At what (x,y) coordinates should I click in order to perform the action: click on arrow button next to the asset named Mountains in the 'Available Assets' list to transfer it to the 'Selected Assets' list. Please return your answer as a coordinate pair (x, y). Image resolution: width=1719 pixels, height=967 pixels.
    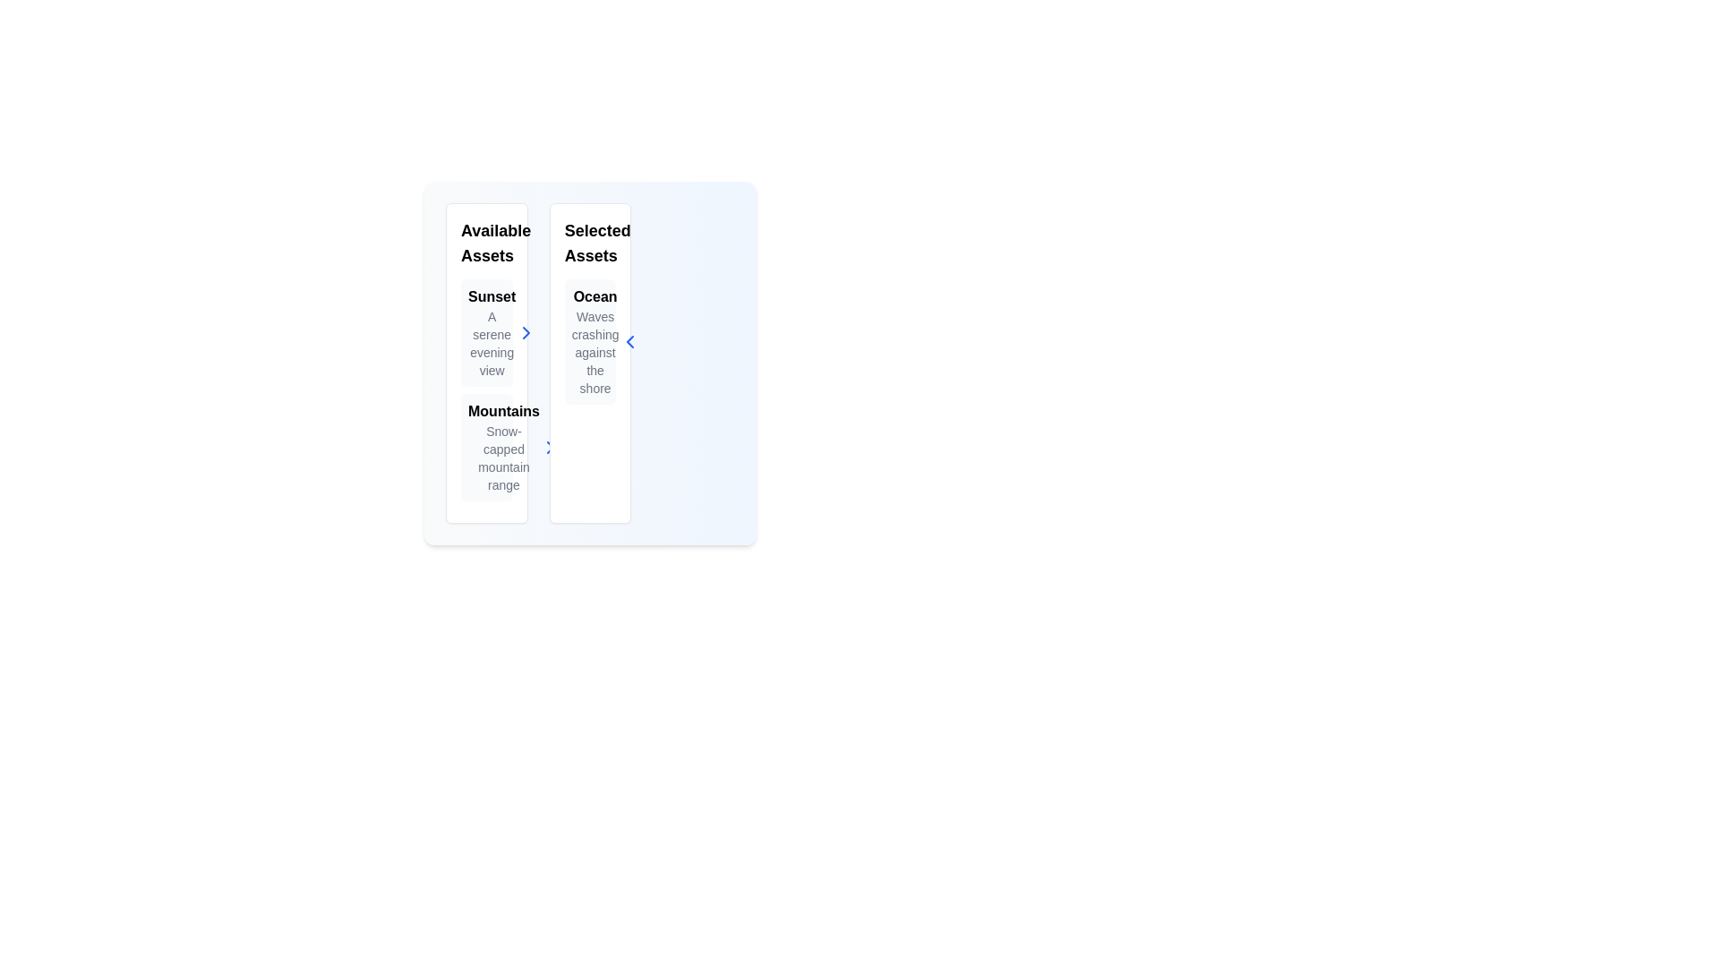
    Looking at the image, I should click on (549, 447).